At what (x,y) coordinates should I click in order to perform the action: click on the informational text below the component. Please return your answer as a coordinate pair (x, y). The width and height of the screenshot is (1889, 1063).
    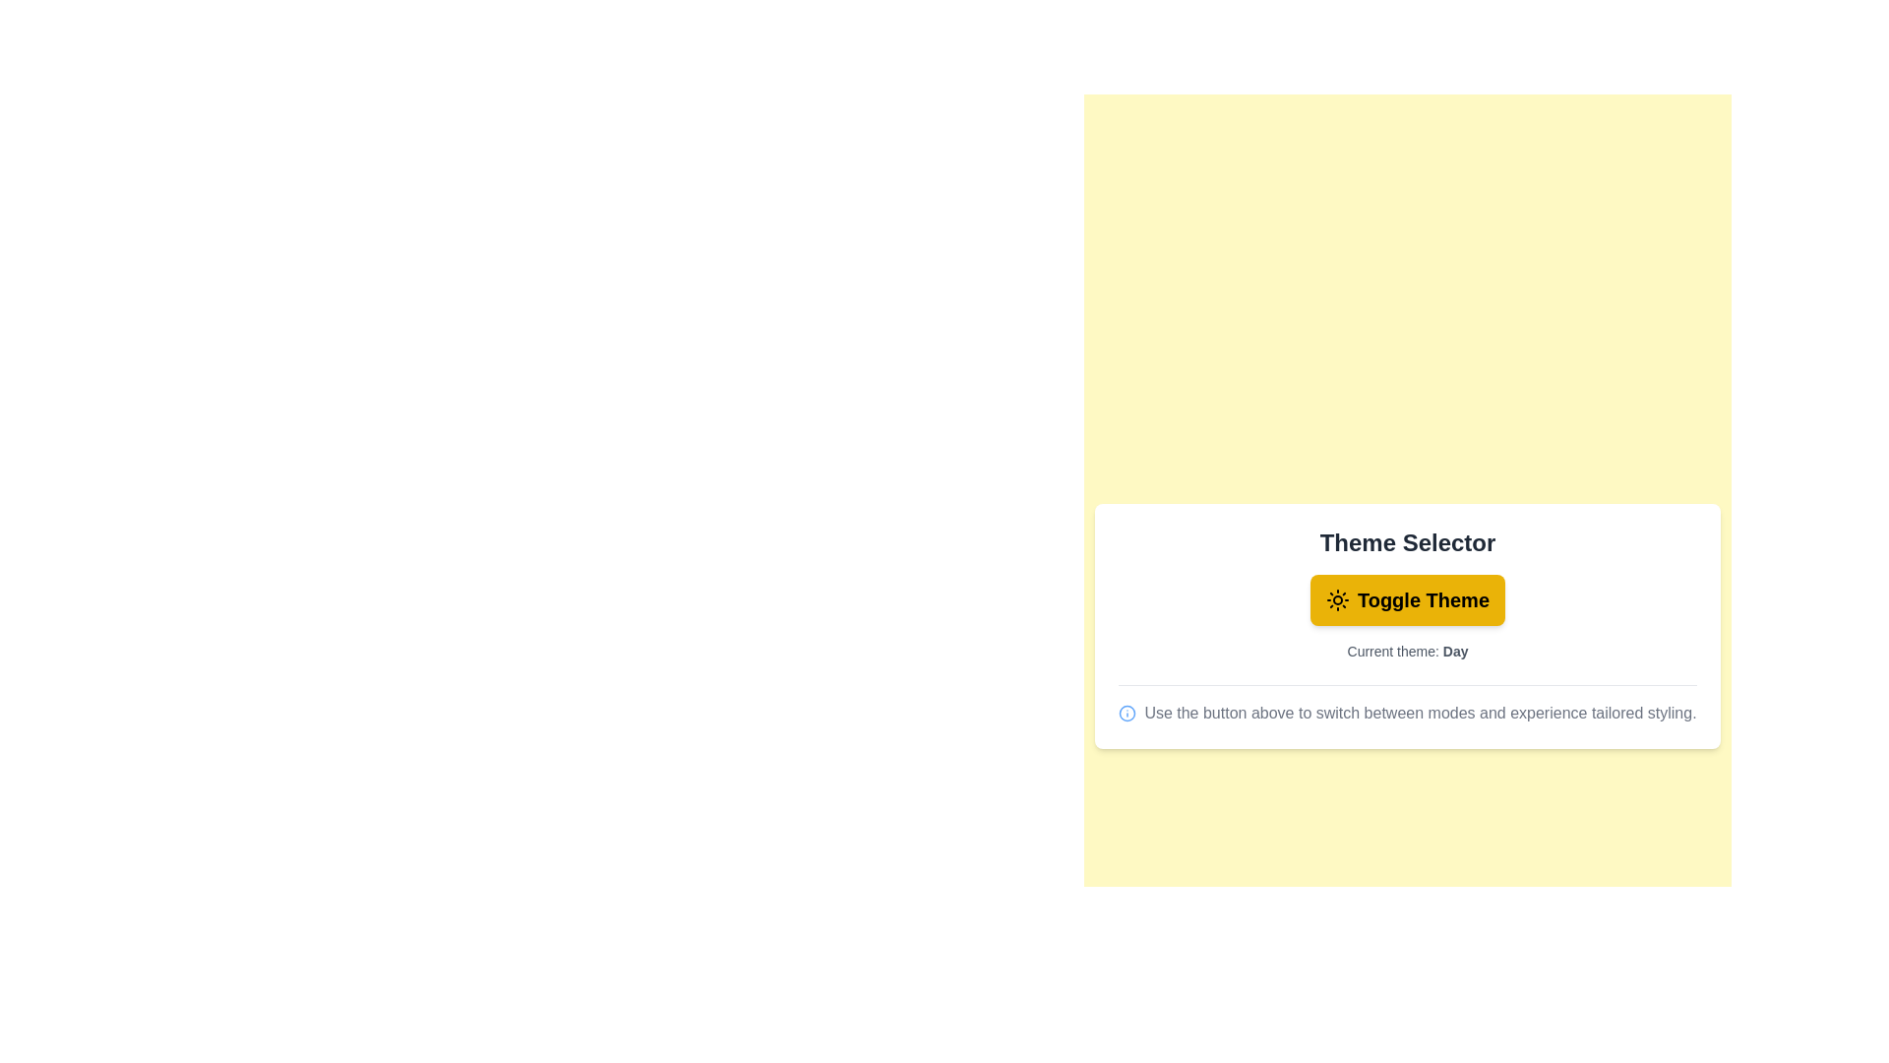
    Looking at the image, I should click on (1406, 704).